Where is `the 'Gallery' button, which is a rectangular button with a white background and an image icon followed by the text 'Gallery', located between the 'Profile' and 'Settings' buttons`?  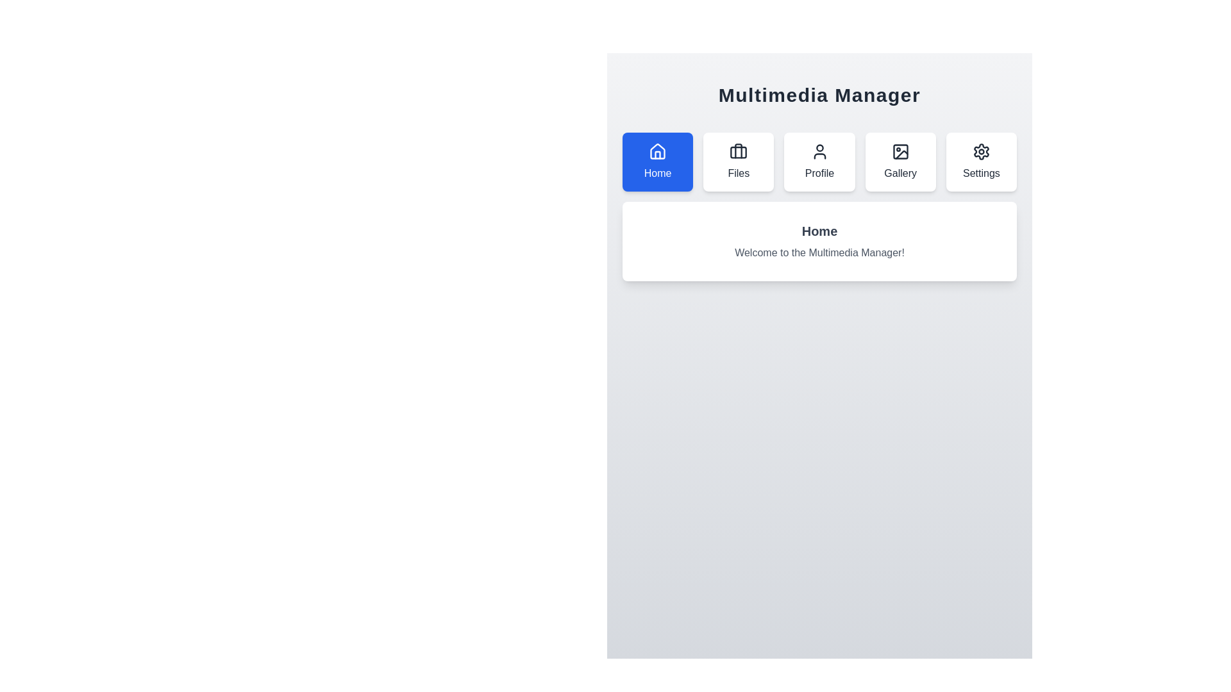 the 'Gallery' button, which is a rectangular button with a white background and an image icon followed by the text 'Gallery', located between the 'Profile' and 'Settings' buttons is located at coordinates (900, 161).